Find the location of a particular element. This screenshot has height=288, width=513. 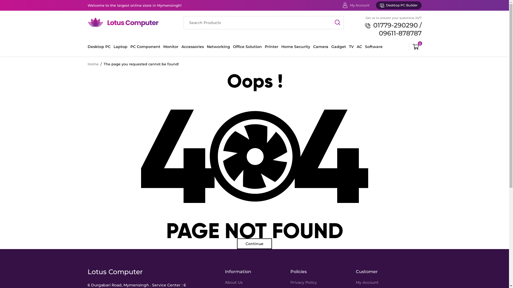

'Printer' is located at coordinates (271, 46).